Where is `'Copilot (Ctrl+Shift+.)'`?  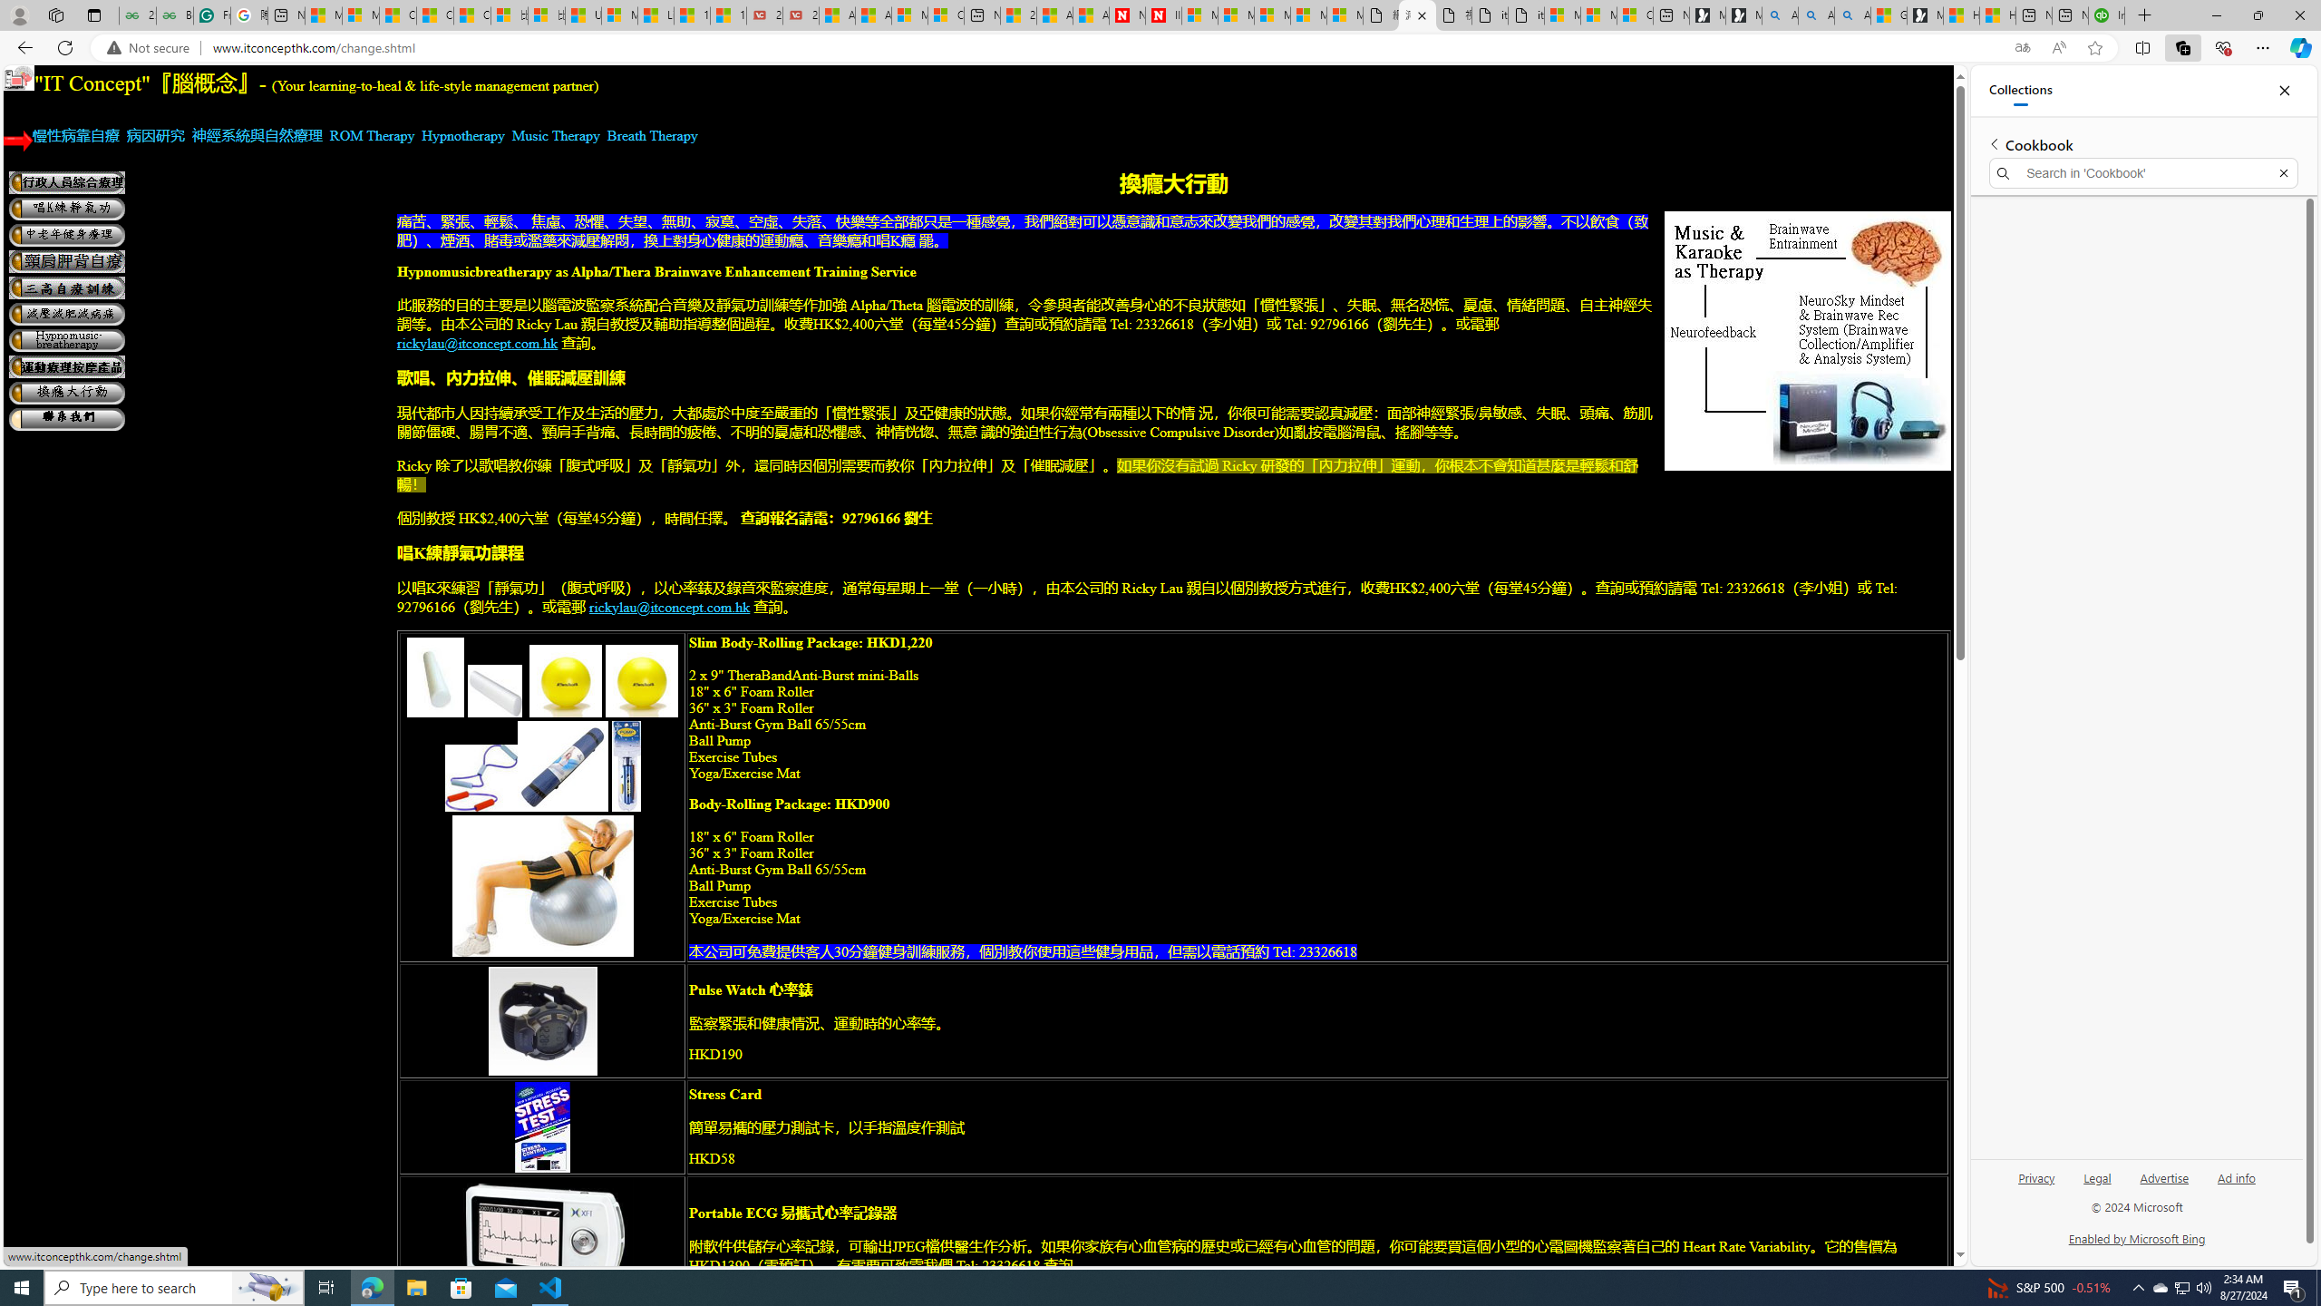 'Copilot (Ctrl+Shift+.)' is located at coordinates (2298, 46).